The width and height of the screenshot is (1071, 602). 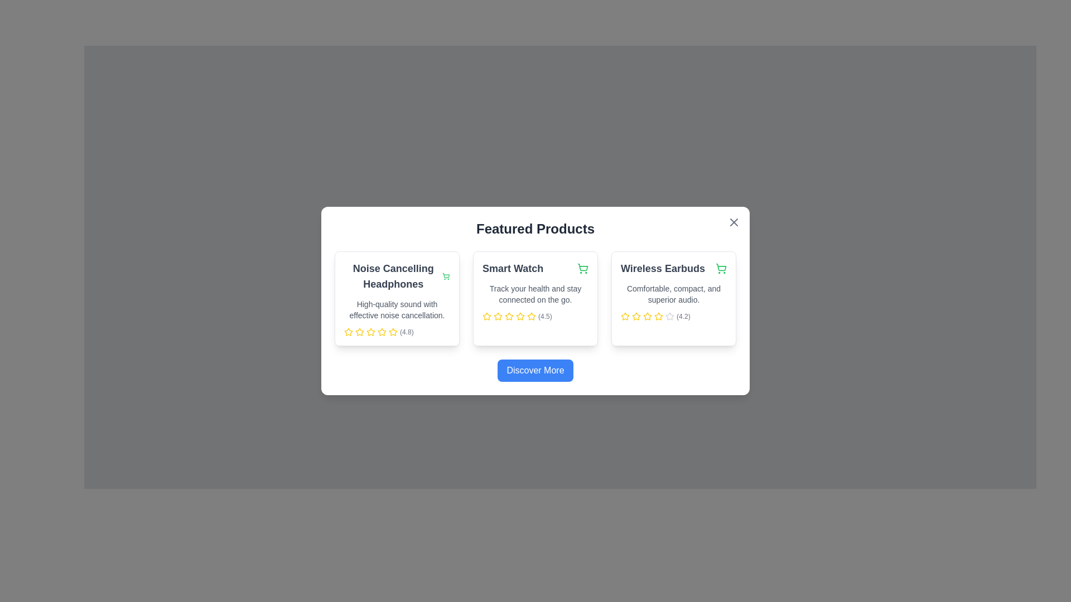 I want to click on the fourth star icon representing the fourth rating level for the product 'Smart Watch', which is located below the text 'Smart Watch' in the middle product card, so click(x=508, y=316).